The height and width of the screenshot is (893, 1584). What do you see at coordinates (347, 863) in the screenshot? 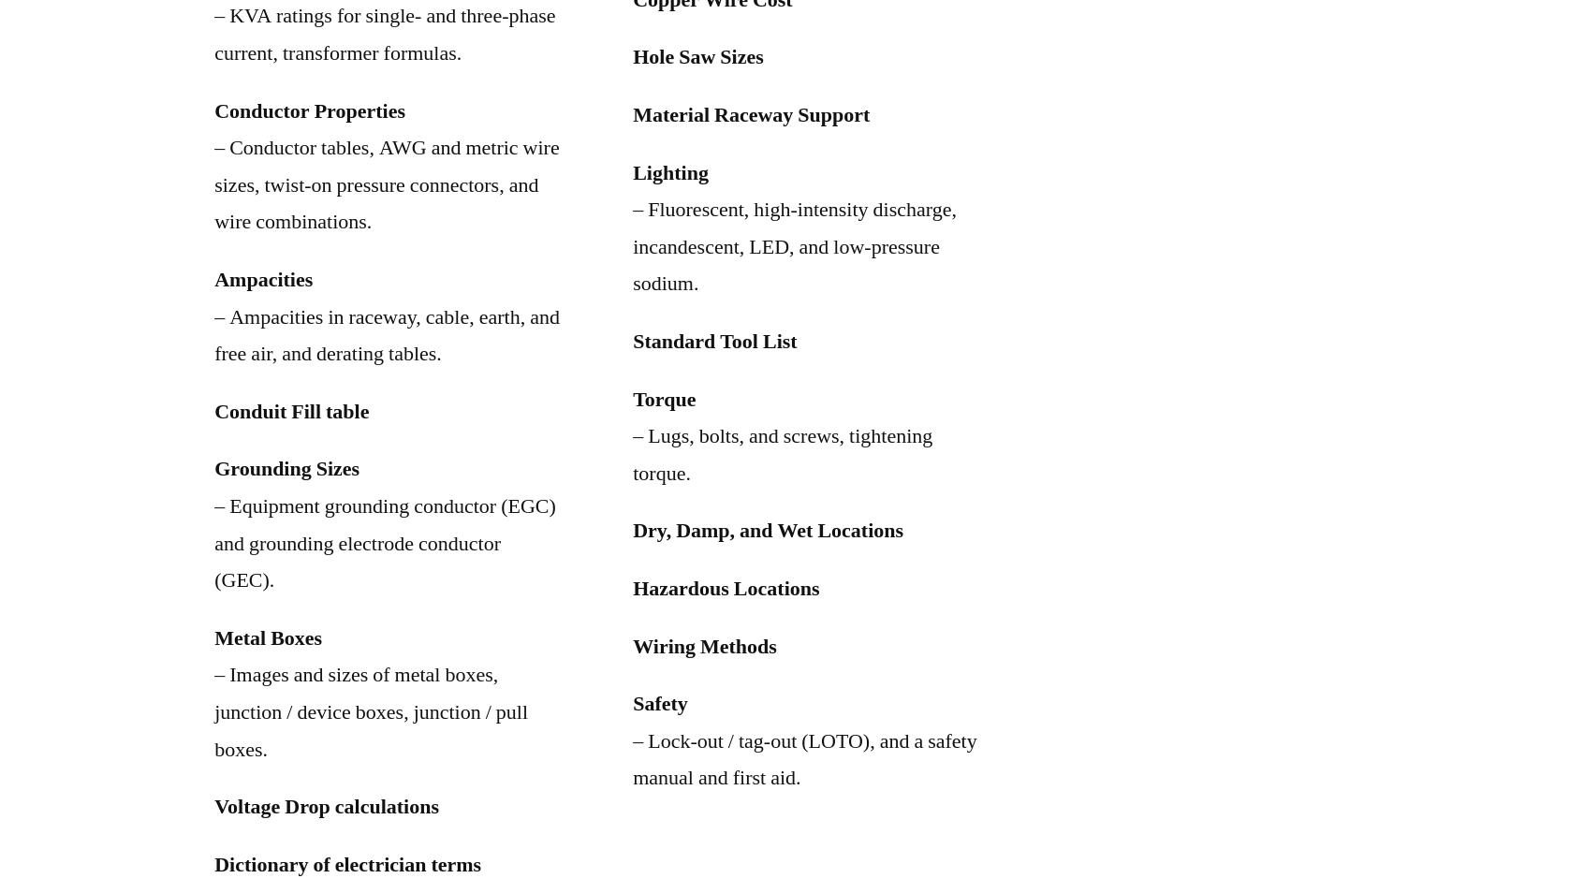
I see `'Dictionary of electrician terms'` at bounding box center [347, 863].